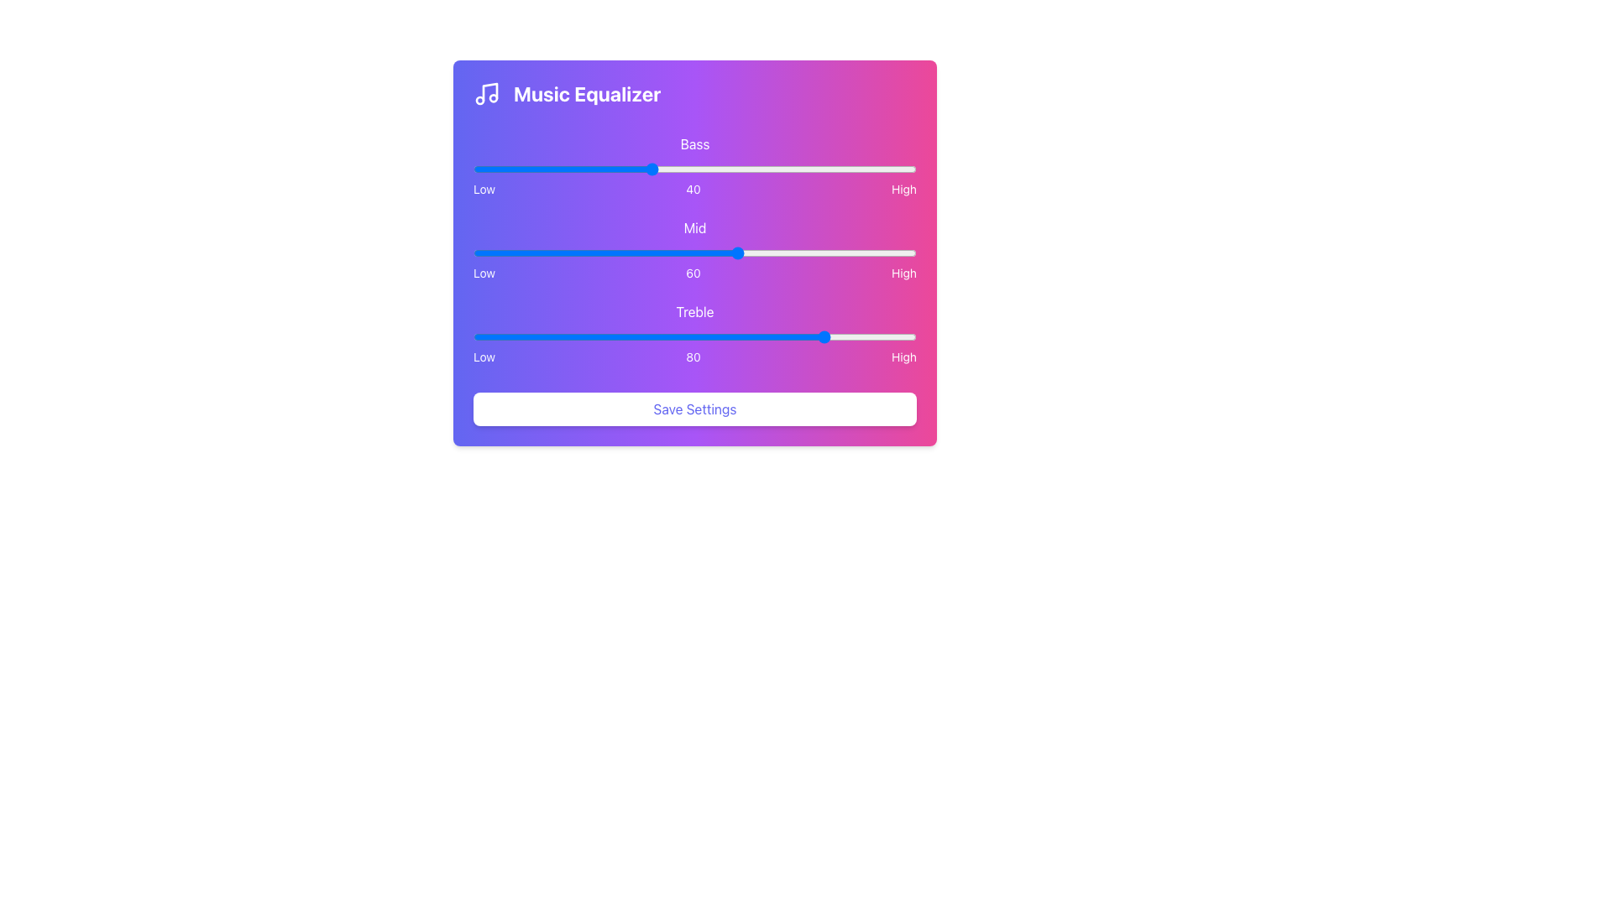 The height and width of the screenshot is (906, 1612). Describe the element at coordinates (483, 273) in the screenshot. I see `the Text label indicating the minimum value range on the equalizer control, positioned to the left of the number '60' and the label 'High'` at that location.